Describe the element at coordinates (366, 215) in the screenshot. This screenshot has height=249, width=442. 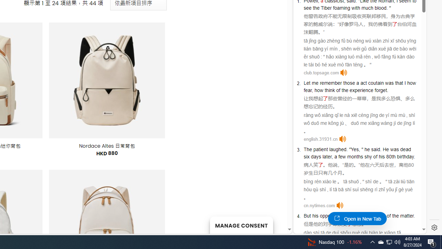
I see `'think'` at that location.